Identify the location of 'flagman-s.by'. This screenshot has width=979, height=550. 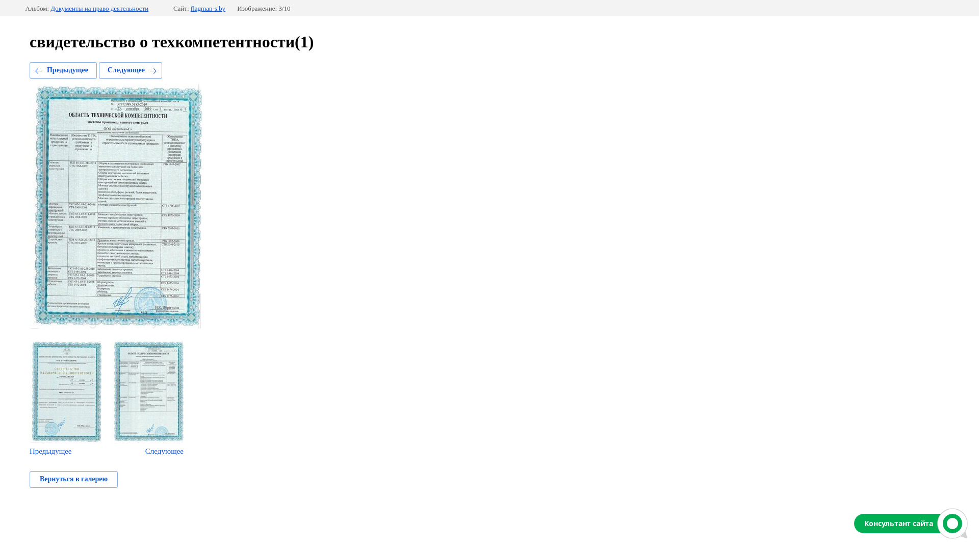
(191, 8).